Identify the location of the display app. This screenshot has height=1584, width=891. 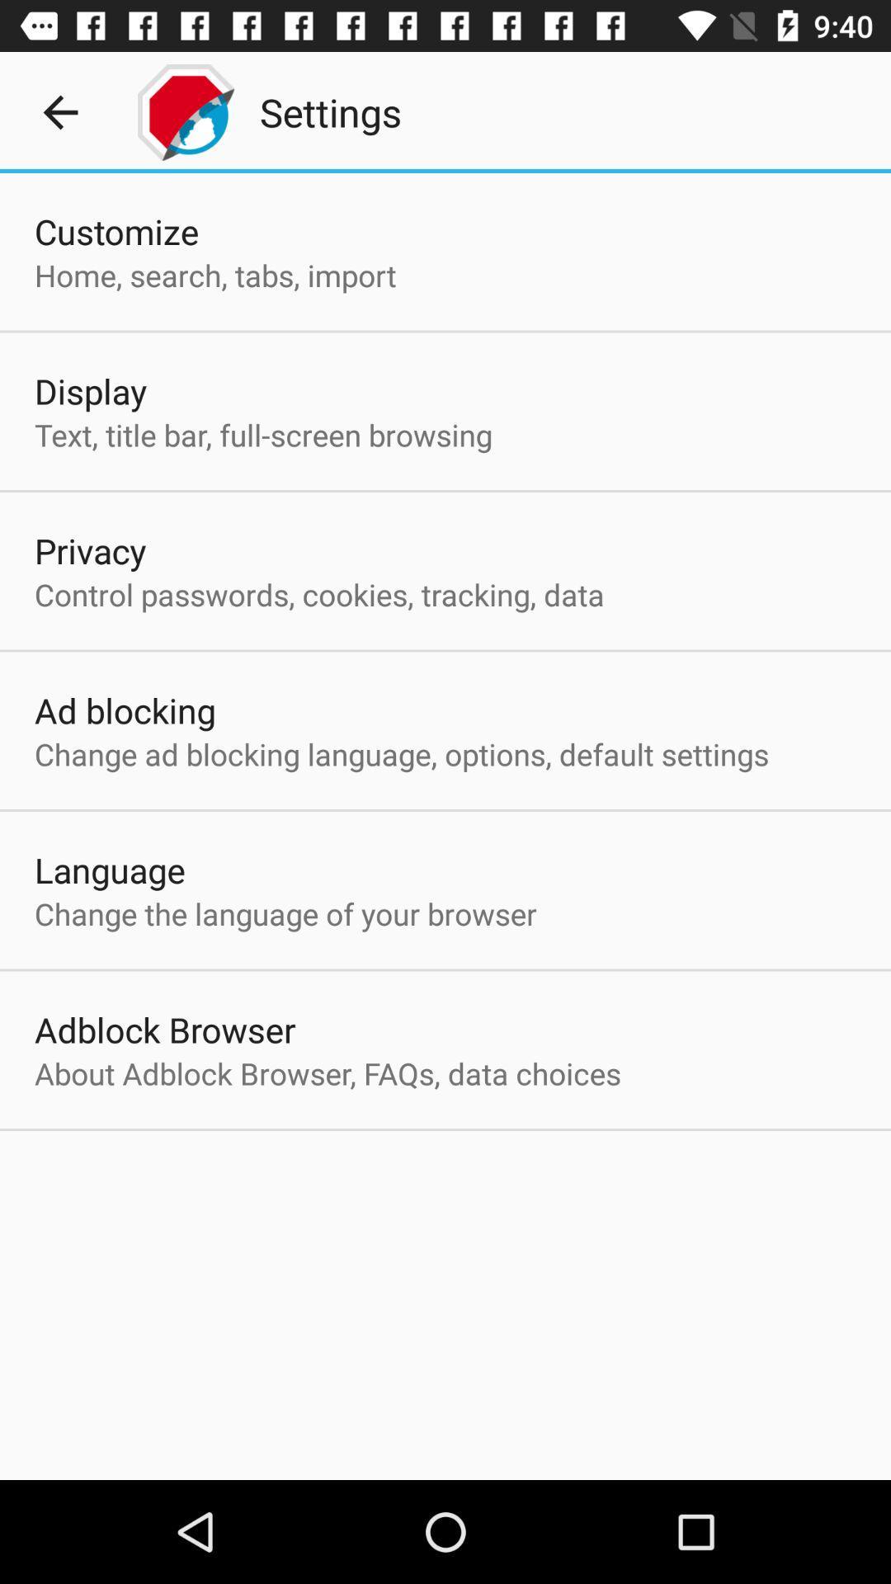
(91, 390).